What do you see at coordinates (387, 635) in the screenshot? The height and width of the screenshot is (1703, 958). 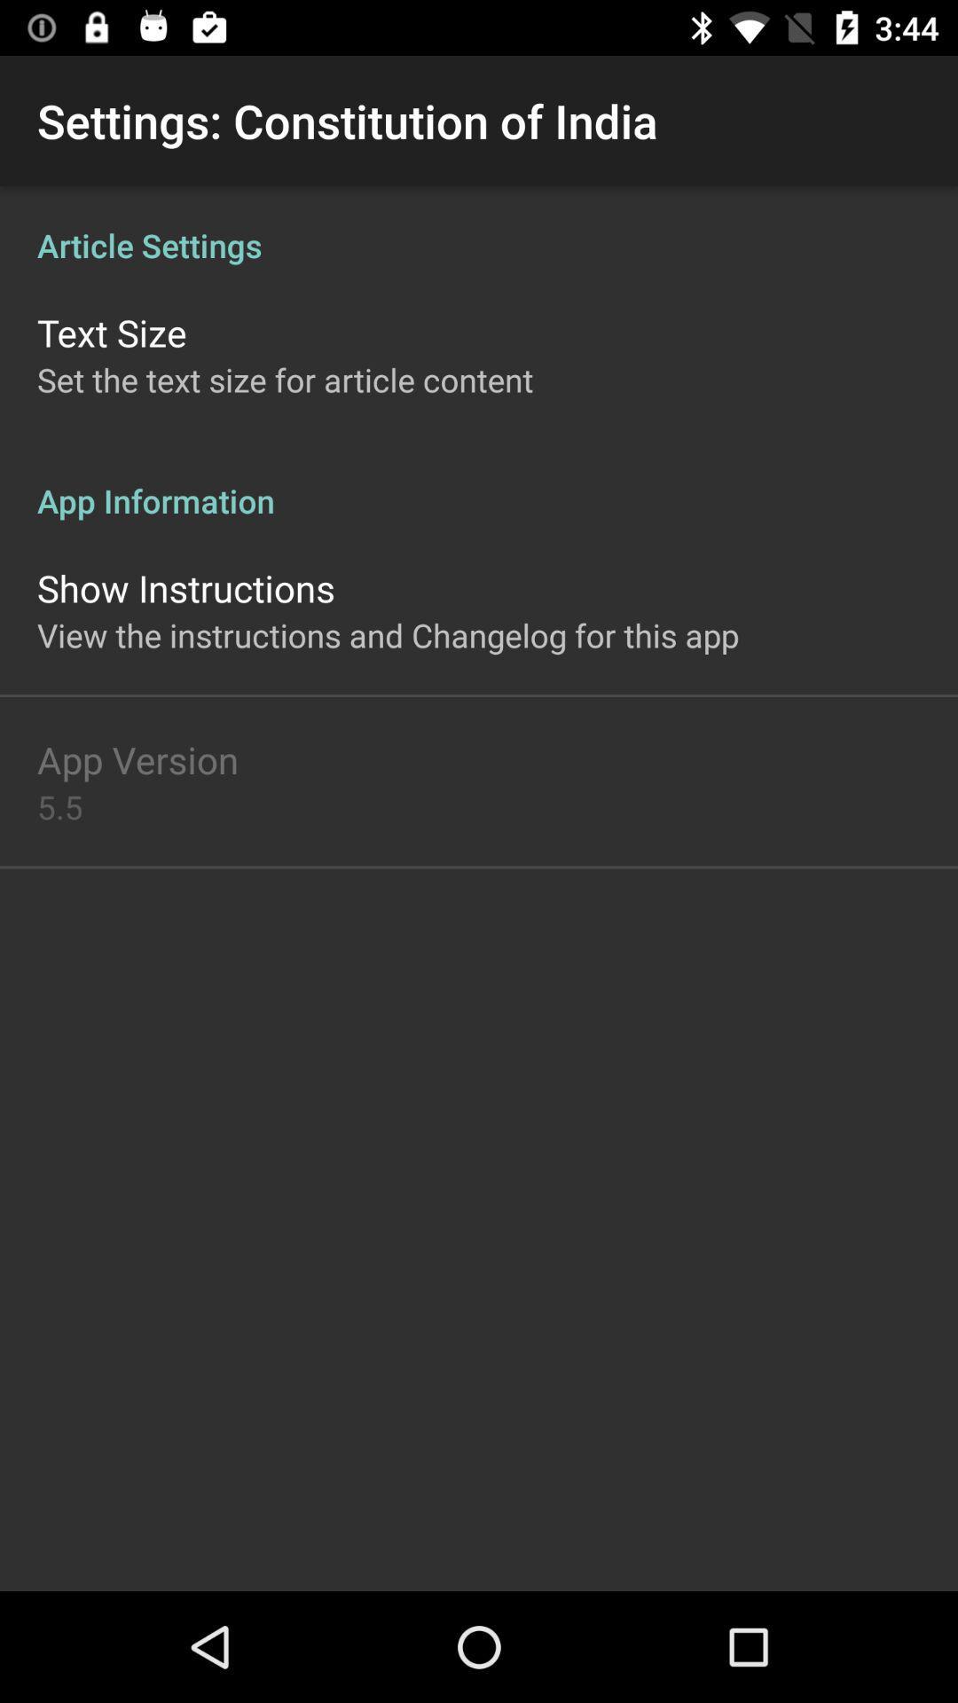 I see `the view the instructions` at bounding box center [387, 635].